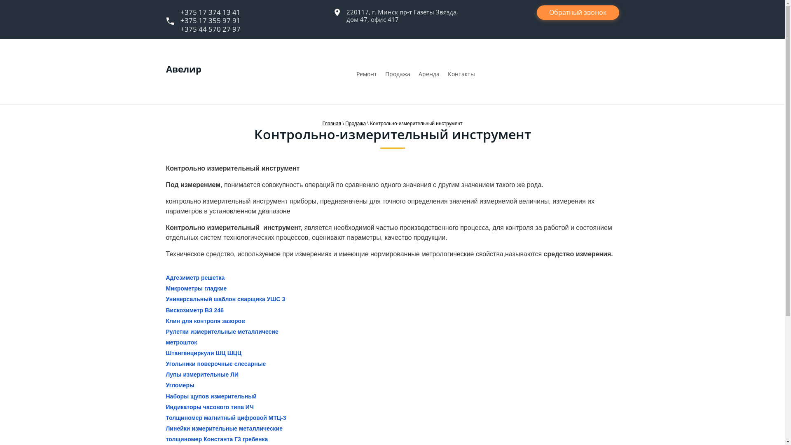 This screenshot has height=445, width=791. What do you see at coordinates (210, 20) in the screenshot?
I see `'+375 17 355 97 91'` at bounding box center [210, 20].